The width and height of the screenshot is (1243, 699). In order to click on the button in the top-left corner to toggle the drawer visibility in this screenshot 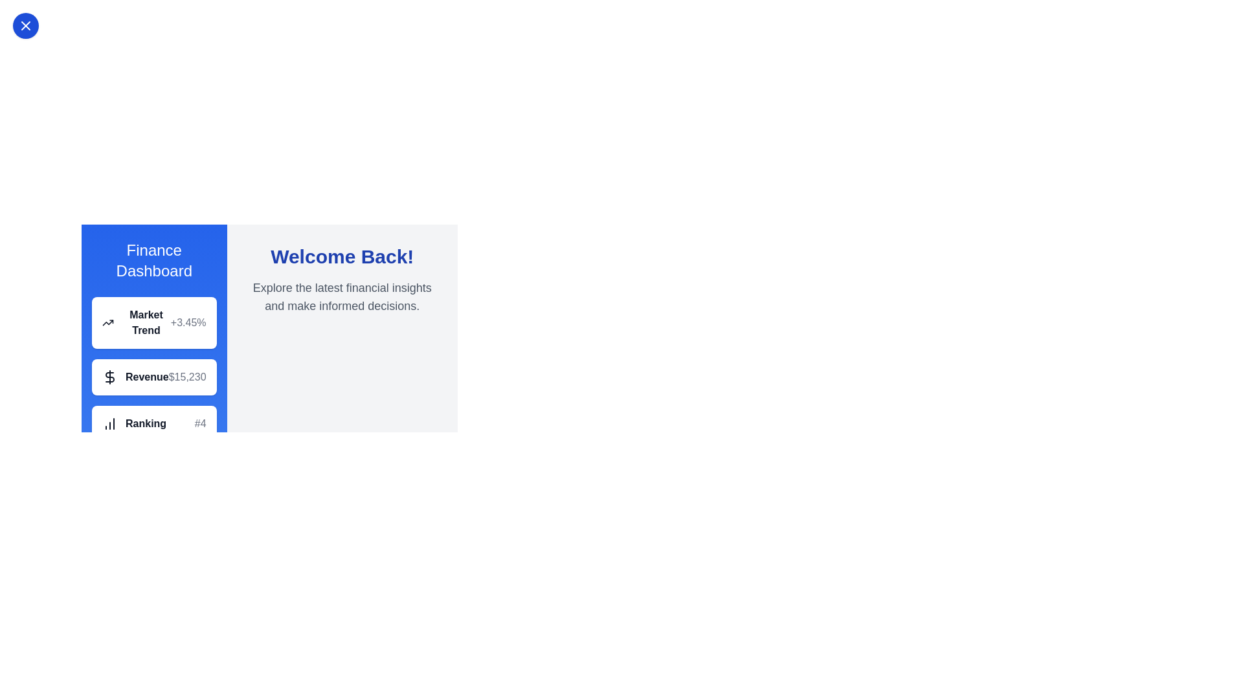, I will do `click(25, 25)`.